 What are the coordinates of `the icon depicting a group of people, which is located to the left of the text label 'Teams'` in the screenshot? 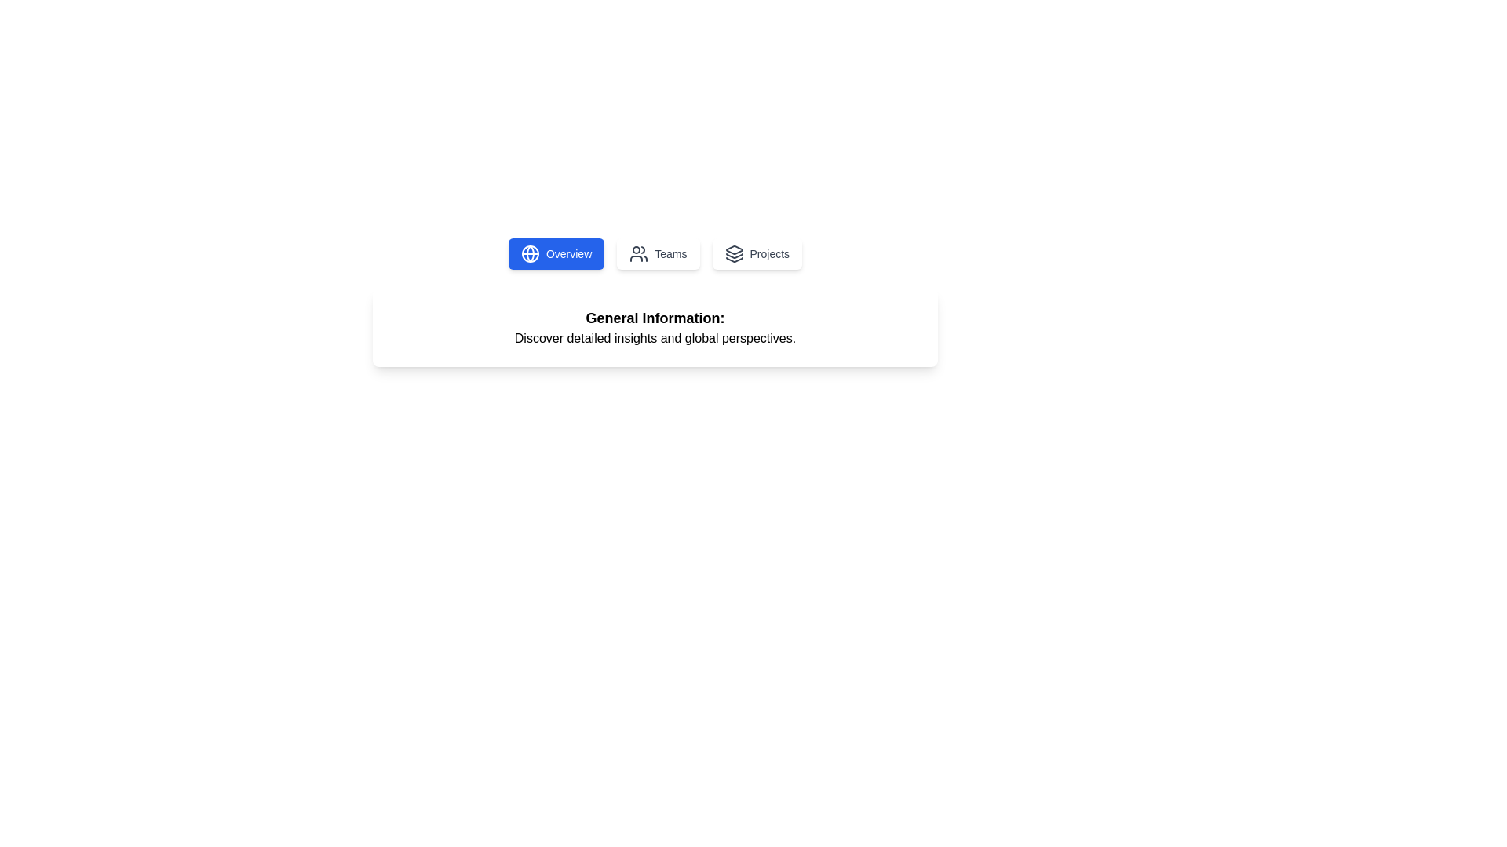 It's located at (639, 253).